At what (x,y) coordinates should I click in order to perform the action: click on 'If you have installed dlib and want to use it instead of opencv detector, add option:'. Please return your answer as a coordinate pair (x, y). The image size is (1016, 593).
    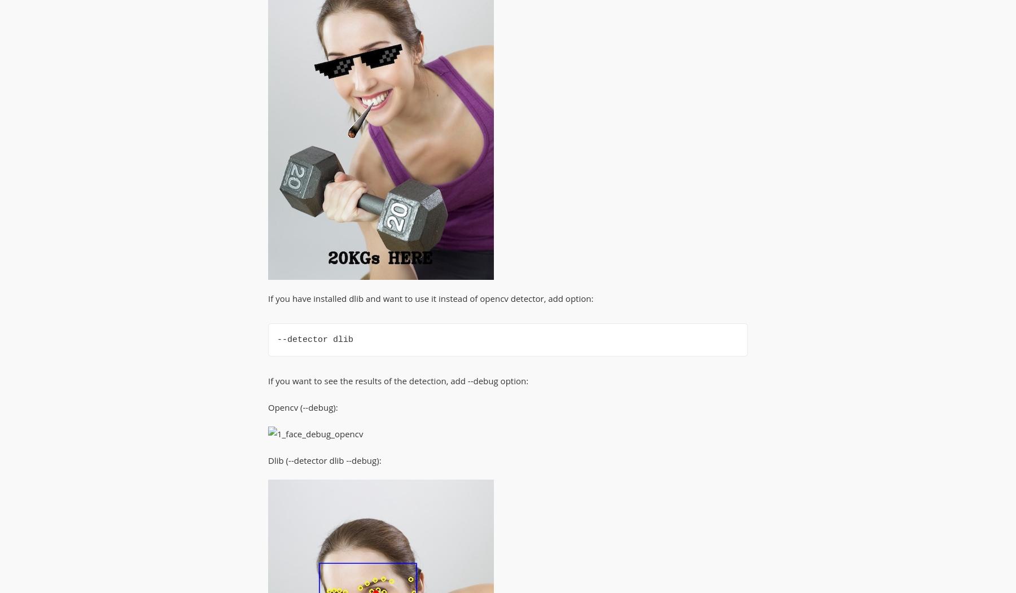
    Looking at the image, I should click on (430, 297).